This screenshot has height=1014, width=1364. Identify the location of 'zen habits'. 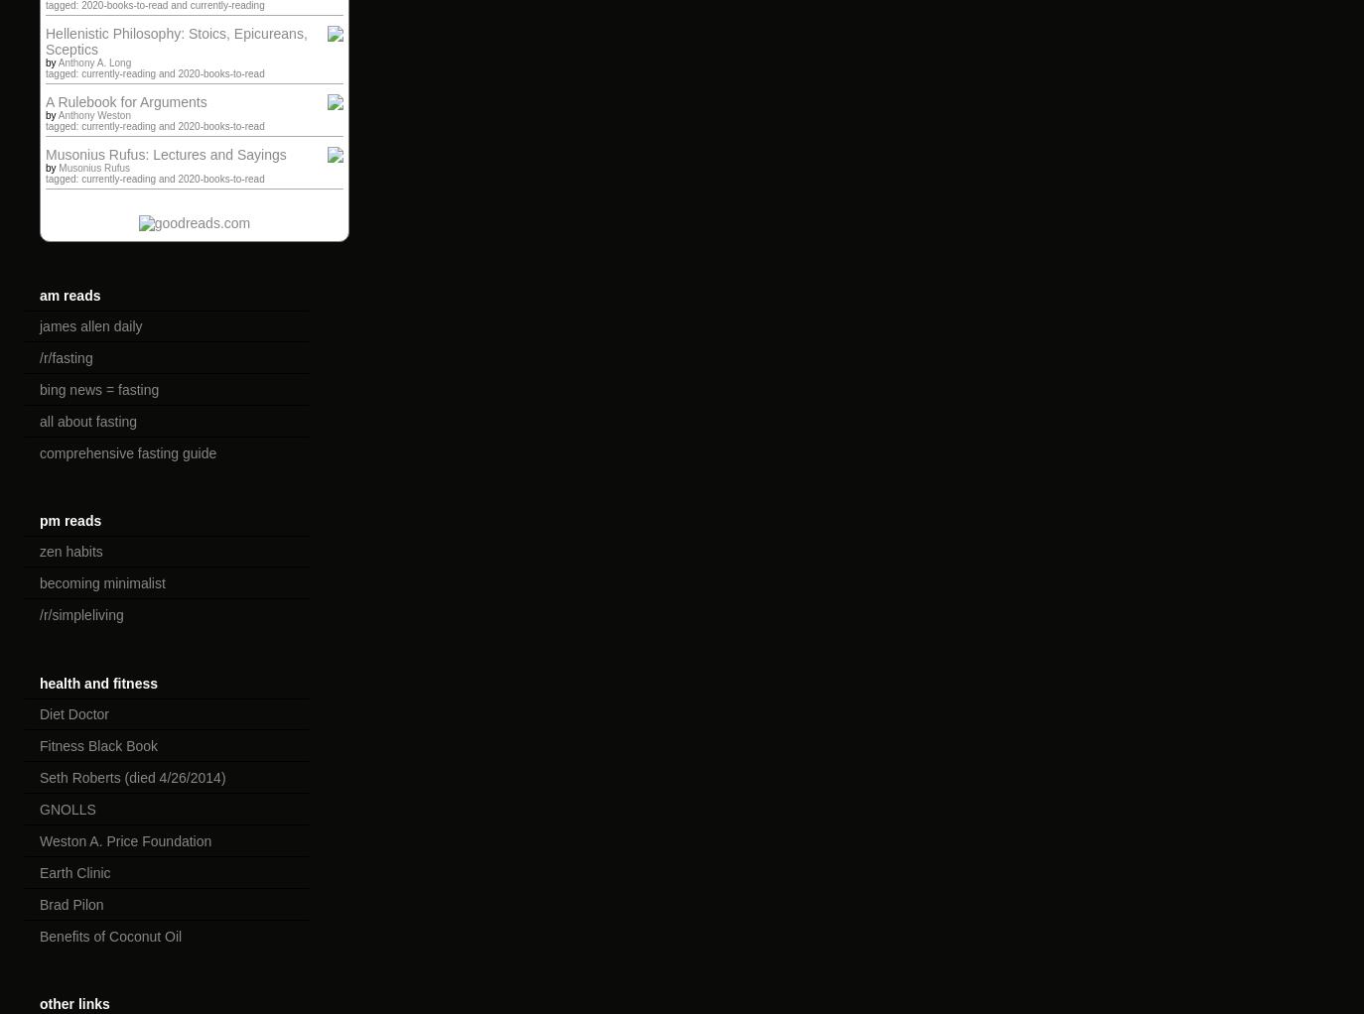
(69, 551).